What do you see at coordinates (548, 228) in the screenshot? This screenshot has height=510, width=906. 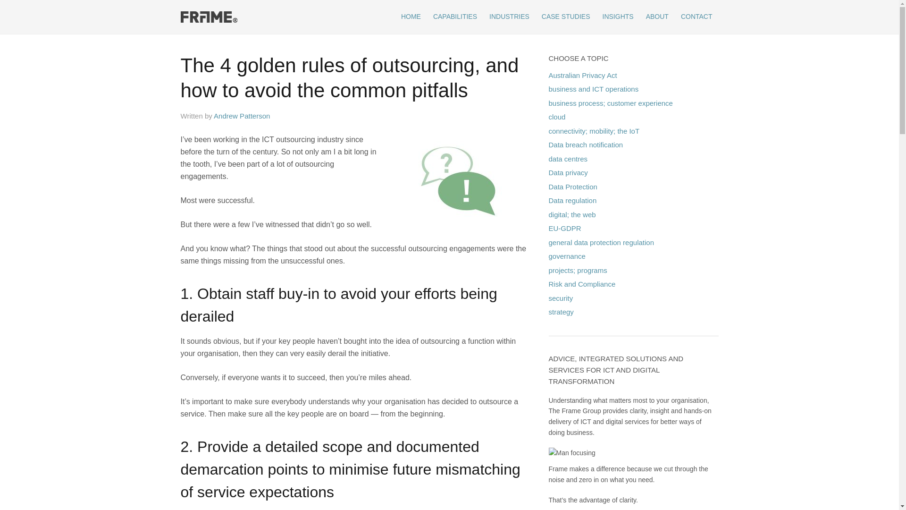 I see `'EU-GDPR'` at bounding box center [548, 228].